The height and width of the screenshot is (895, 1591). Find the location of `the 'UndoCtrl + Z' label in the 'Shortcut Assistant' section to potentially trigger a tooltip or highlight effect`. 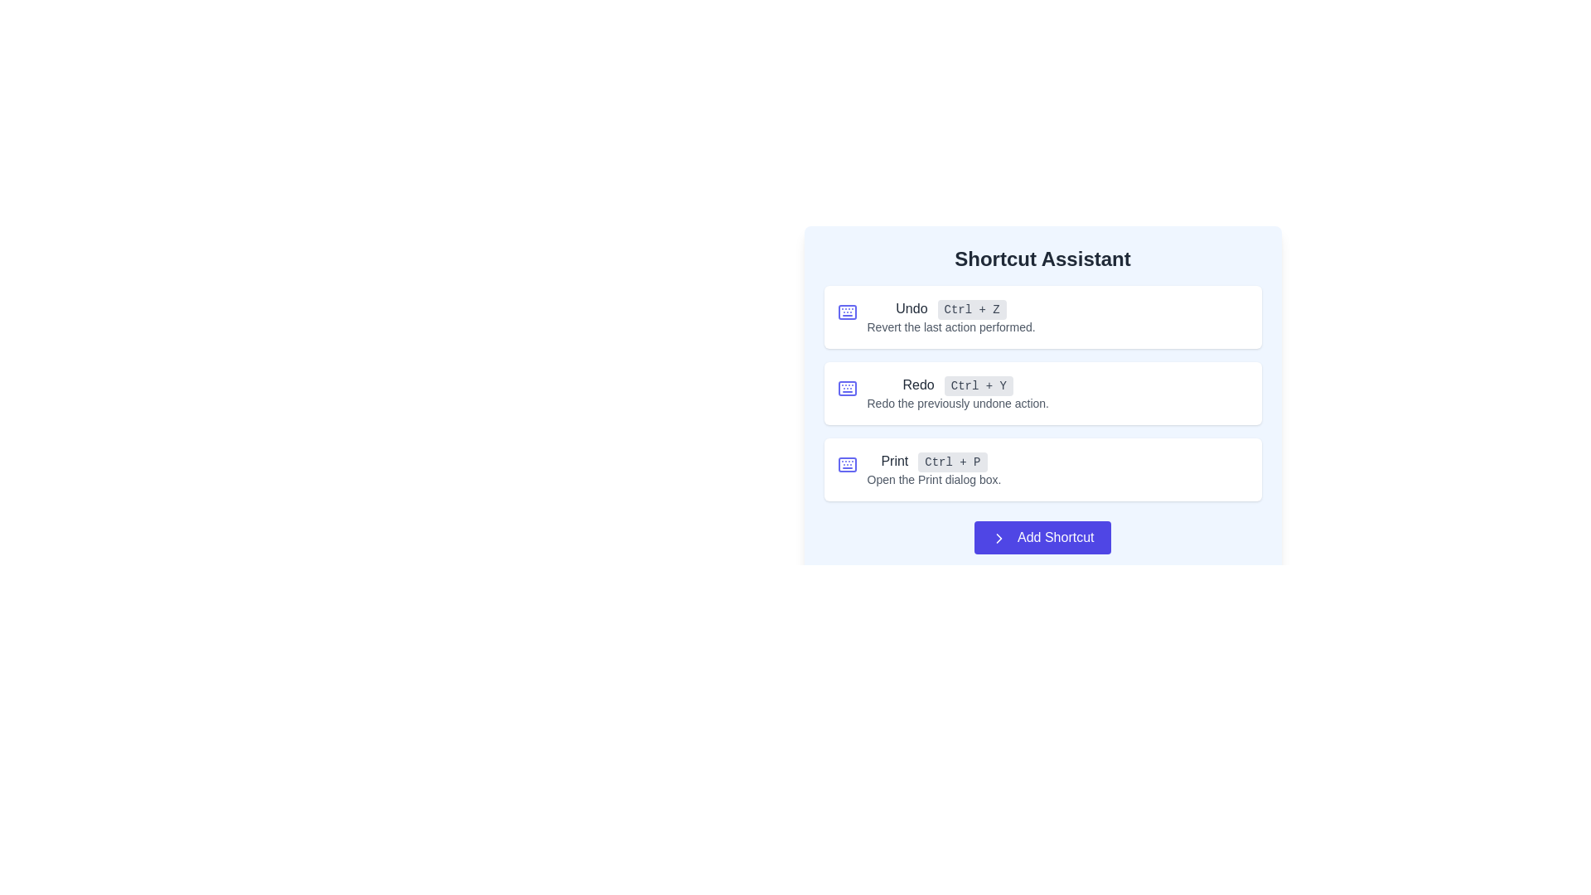

the 'UndoCtrl + Z' label in the 'Shortcut Assistant' section to potentially trigger a tooltip or highlight effect is located at coordinates (950, 309).